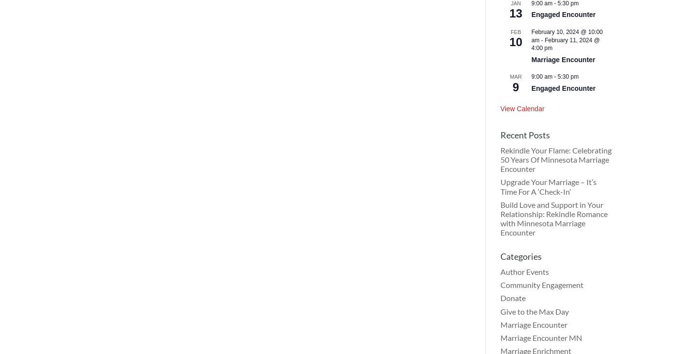 The height and width of the screenshot is (354, 699). What do you see at coordinates (500, 218) in the screenshot?
I see `'Build Love and Support in Your Relationship: Rekindle Romance with Minnesota Marriage Encounter'` at bounding box center [500, 218].